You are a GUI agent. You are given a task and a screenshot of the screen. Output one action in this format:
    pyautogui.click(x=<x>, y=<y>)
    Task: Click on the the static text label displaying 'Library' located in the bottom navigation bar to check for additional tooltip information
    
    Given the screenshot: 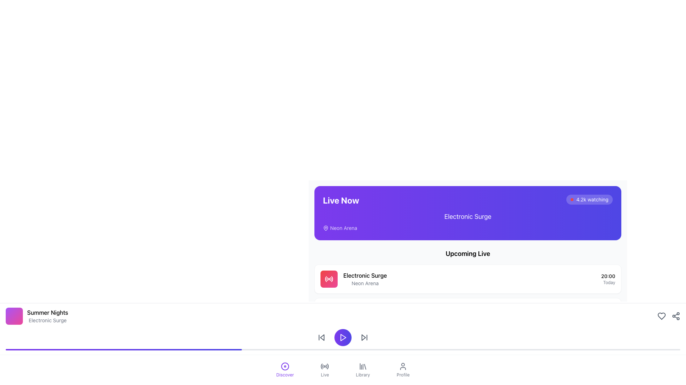 What is the action you would take?
    pyautogui.click(x=363, y=375)
    